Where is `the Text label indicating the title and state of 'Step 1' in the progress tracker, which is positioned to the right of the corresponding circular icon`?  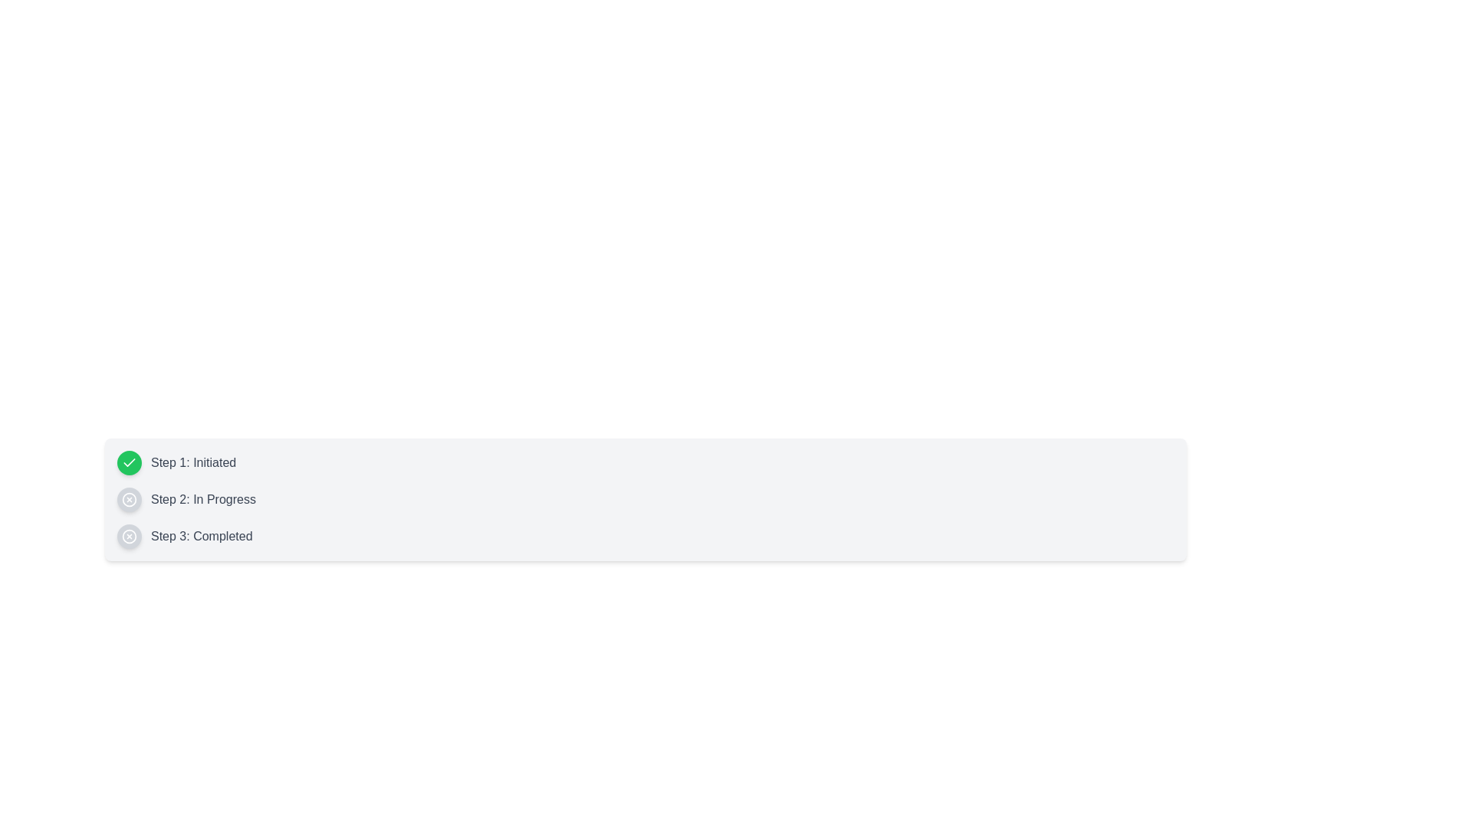 the Text label indicating the title and state of 'Step 1' in the progress tracker, which is positioned to the right of the corresponding circular icon is located at coordinates (192, 462).